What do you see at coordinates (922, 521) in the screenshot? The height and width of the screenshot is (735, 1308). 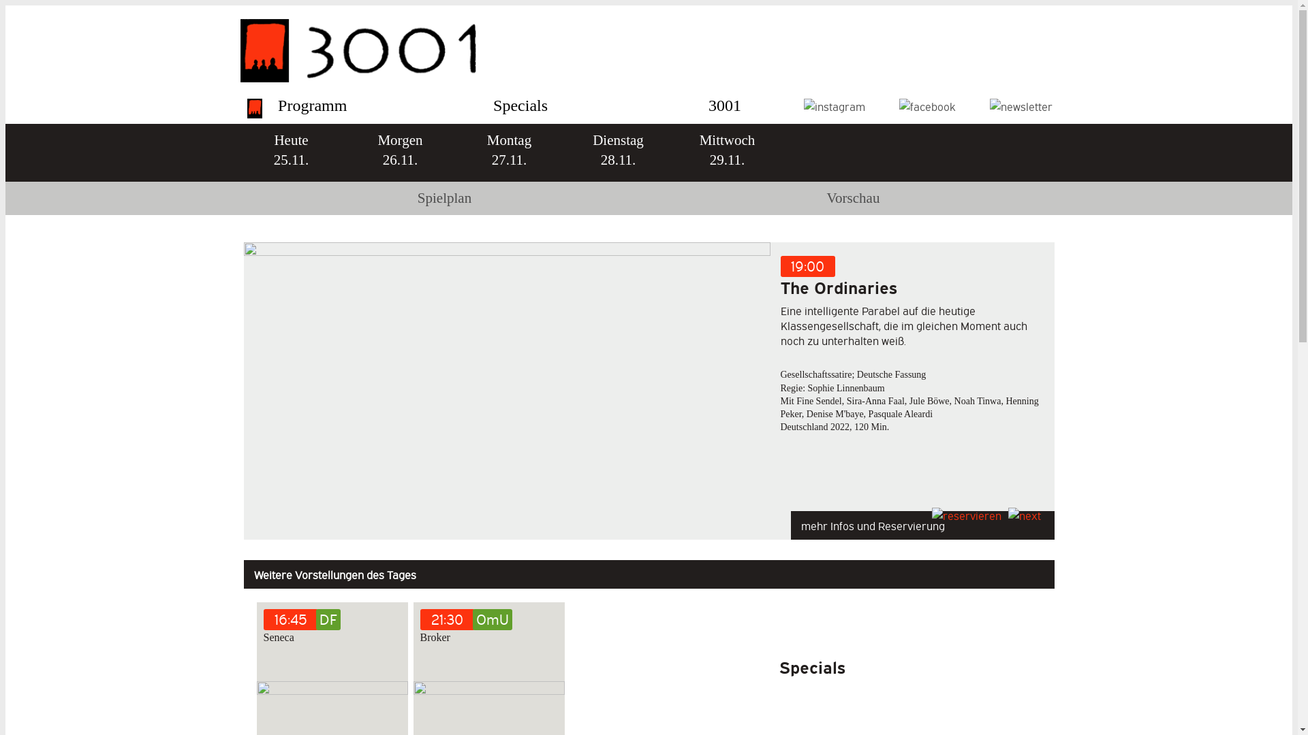 I see `'mehr Infos und Reservierung'` at bounding box center [922, 521].